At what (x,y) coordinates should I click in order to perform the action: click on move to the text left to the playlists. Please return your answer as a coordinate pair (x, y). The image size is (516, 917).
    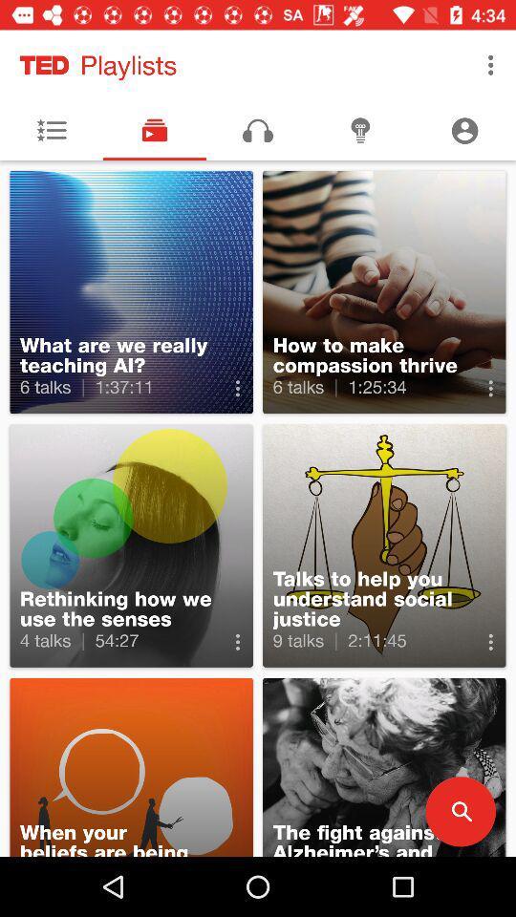
    Looking at the image, I should click on (45, 65).